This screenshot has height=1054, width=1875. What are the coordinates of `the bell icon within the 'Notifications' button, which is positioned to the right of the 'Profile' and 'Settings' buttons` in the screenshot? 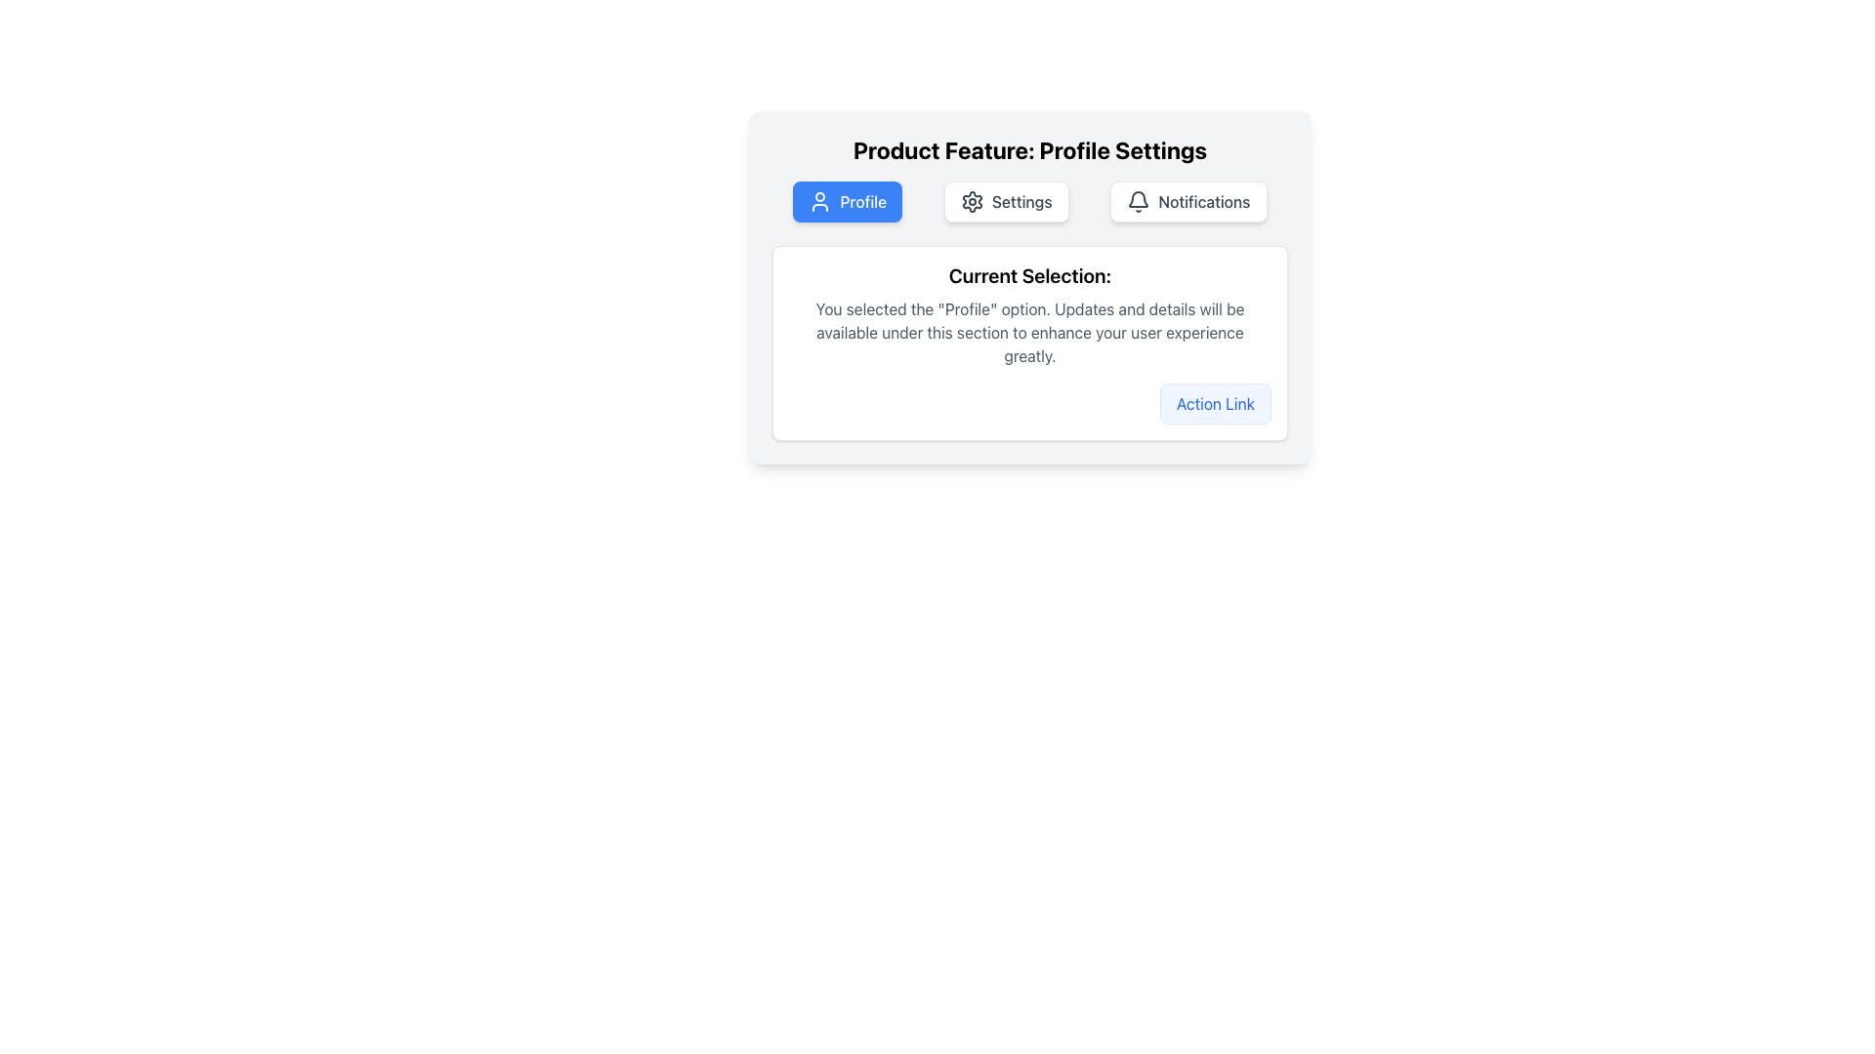 It's located at (1139, 202).